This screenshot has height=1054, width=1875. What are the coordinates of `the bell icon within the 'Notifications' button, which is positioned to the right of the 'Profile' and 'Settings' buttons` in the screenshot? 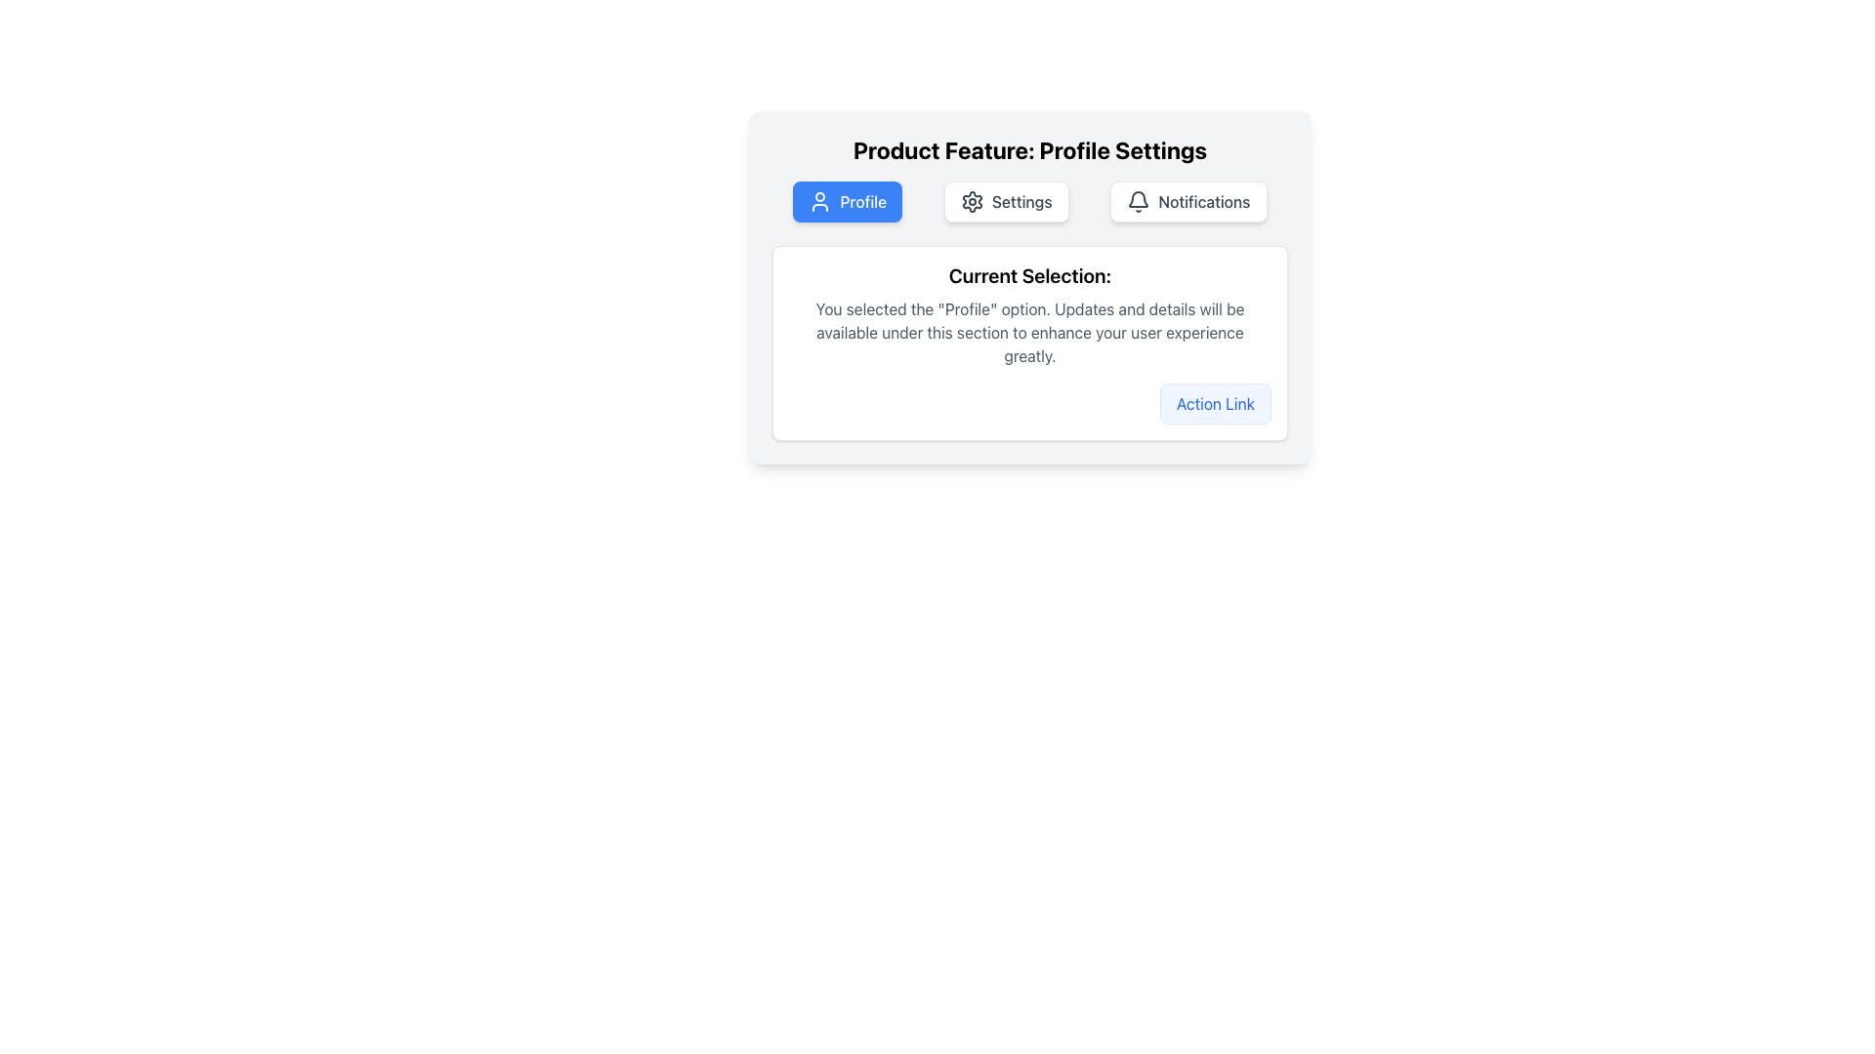 It's located at (1139, 202).